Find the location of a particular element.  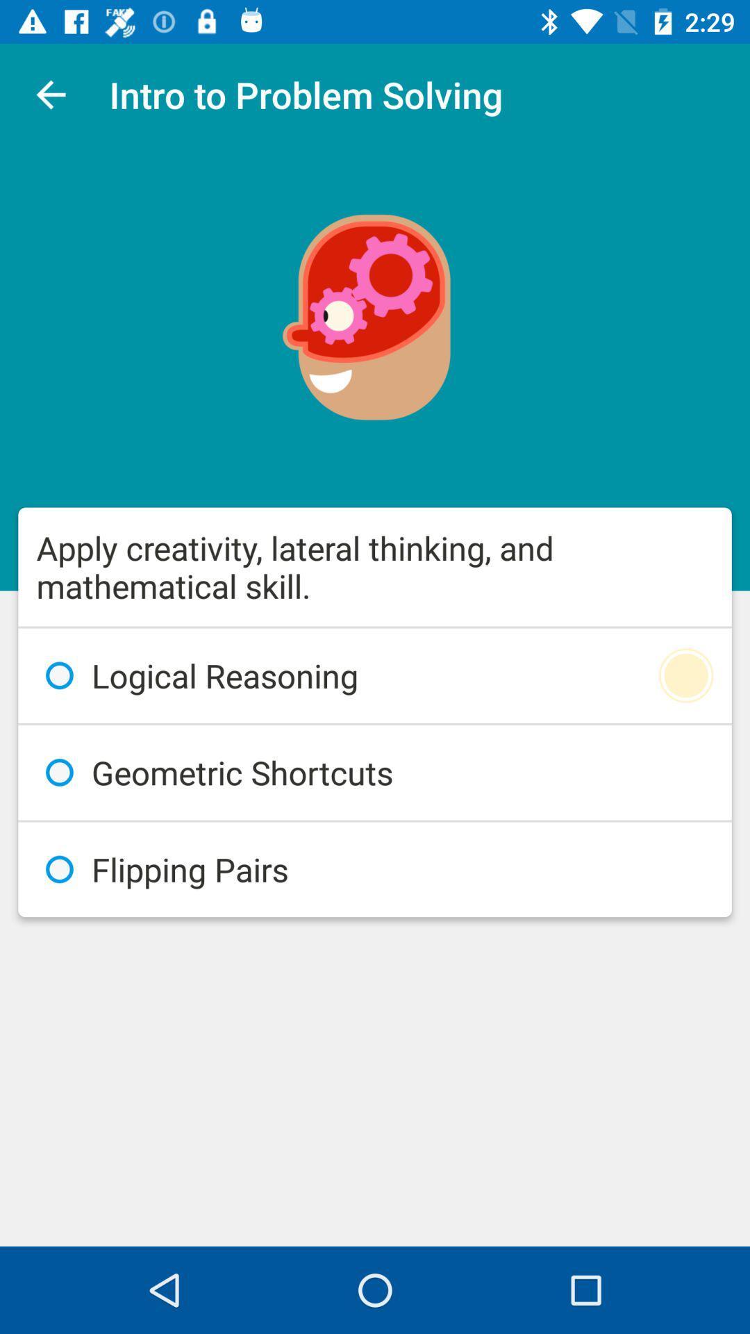

the geometric shortcuts icon is located at coordinates (375, 772).